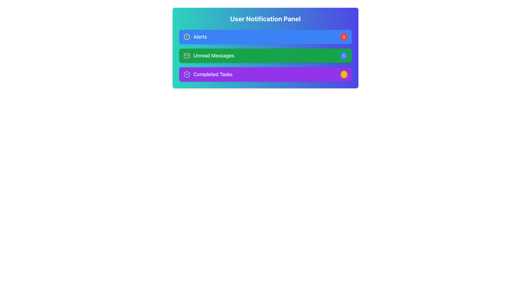 This screenshot has height=298, width=531. What do you see at coordinates (208, 74) in the screenshot?
I see `the Text Label with Icon that displays information about completed tasks in the notification panel, positioned as the last item in the list` at bounding box center [208, 74].